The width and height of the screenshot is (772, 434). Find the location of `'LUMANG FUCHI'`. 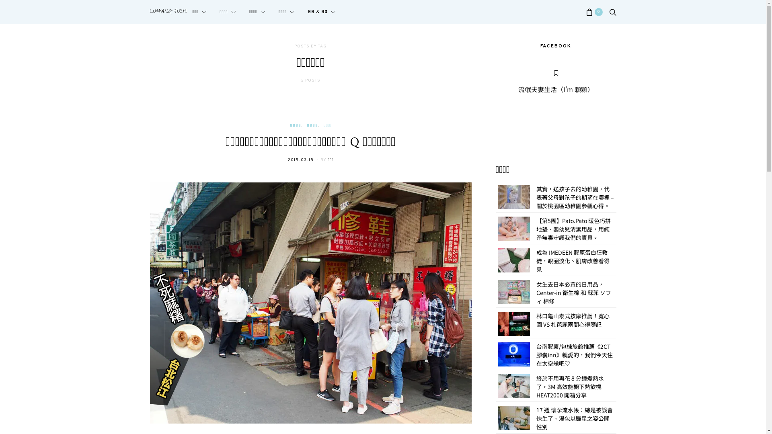

'LUMANG FUCHI' is located at coordinates (167, 12).